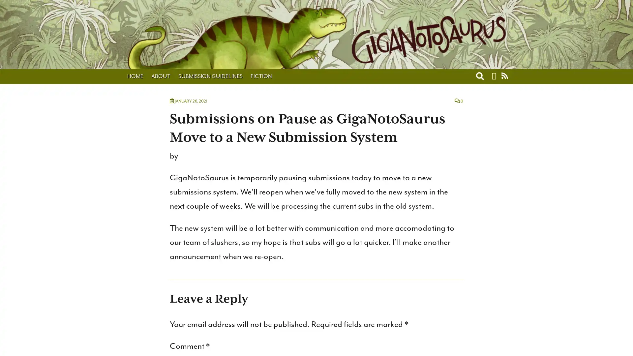 This screenshot has width=633, height=356. Describe the element at coordinates (476, 76) in the screenshot. I see `Toggle search` at that location.